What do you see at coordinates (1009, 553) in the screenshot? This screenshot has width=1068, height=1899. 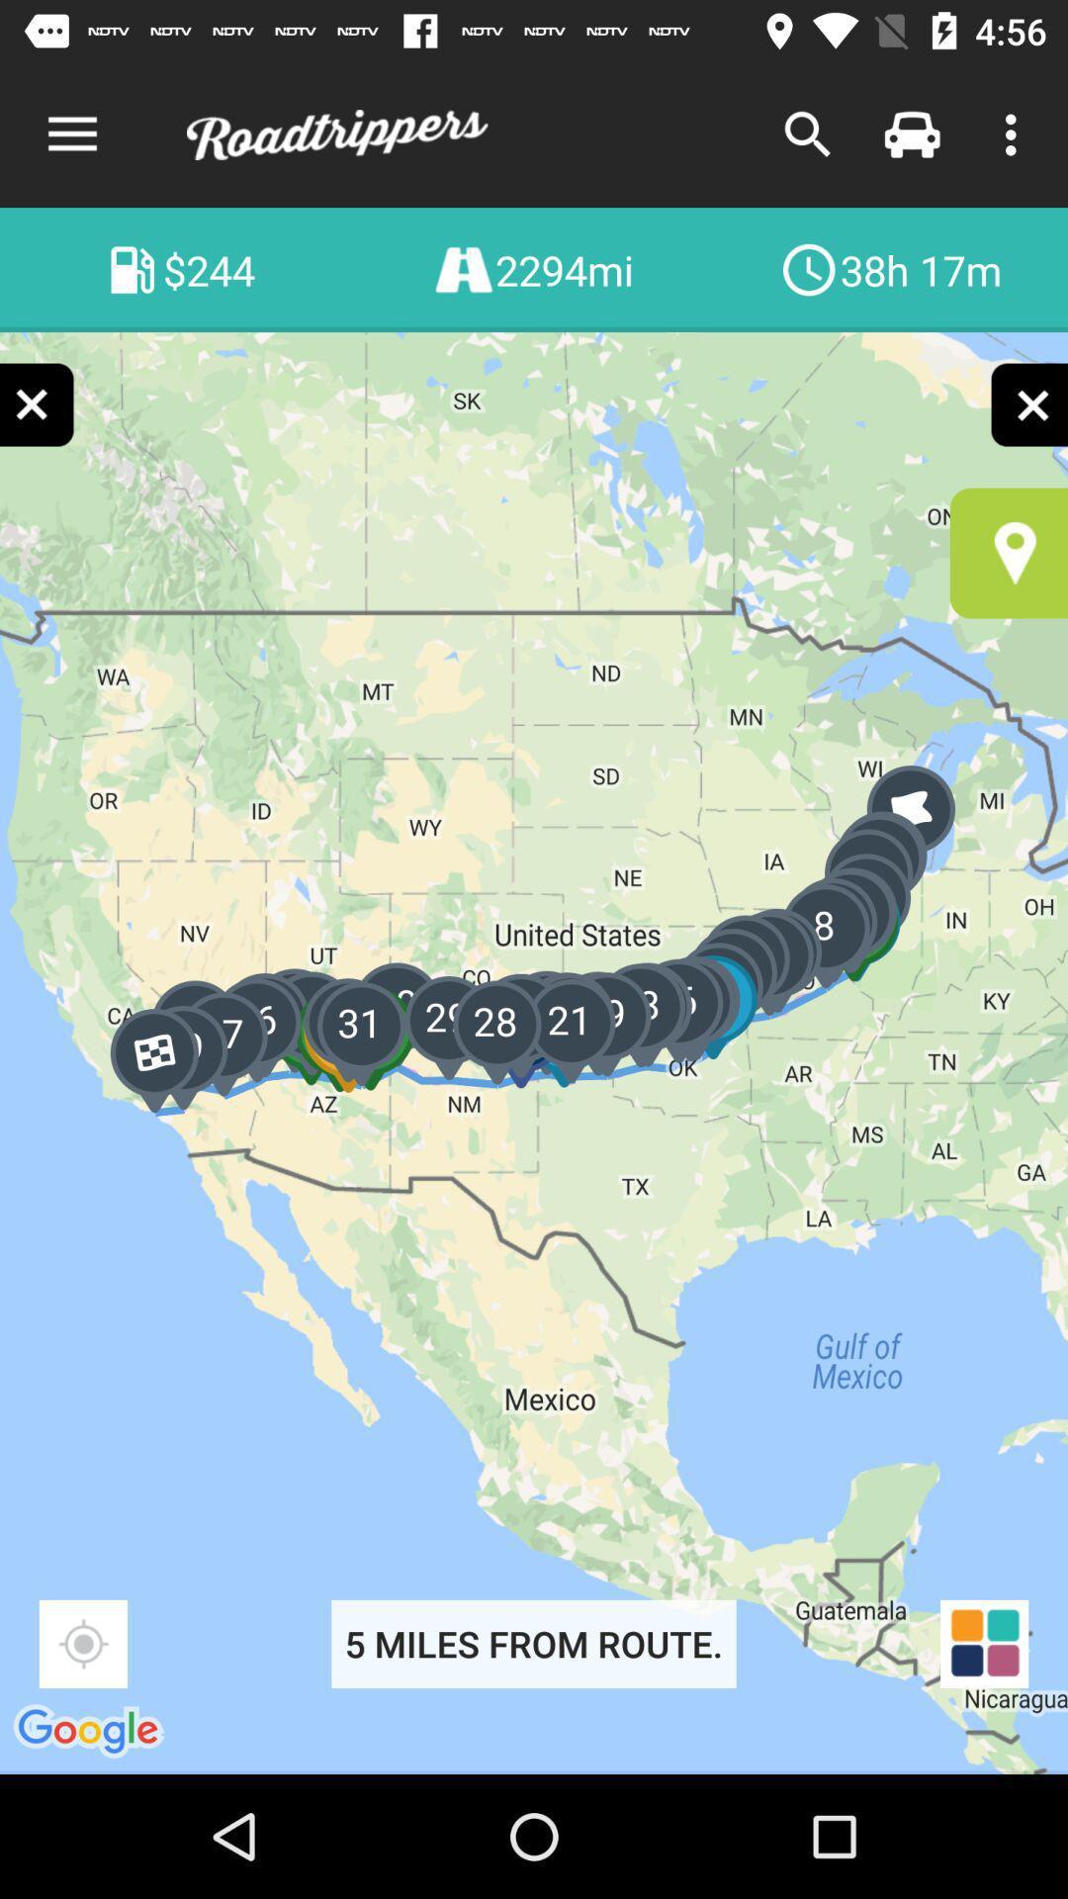 I see `the location icon` at bounding box center [1009, 553].